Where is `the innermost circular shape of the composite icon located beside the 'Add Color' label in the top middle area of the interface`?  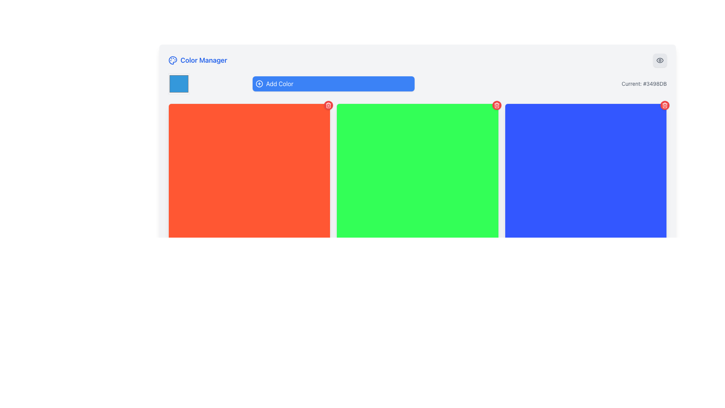 the innermost circular shape of the composite icon located beside the 'Add Color' label in the top middle area of the interface is located at coordinates (259, 84).